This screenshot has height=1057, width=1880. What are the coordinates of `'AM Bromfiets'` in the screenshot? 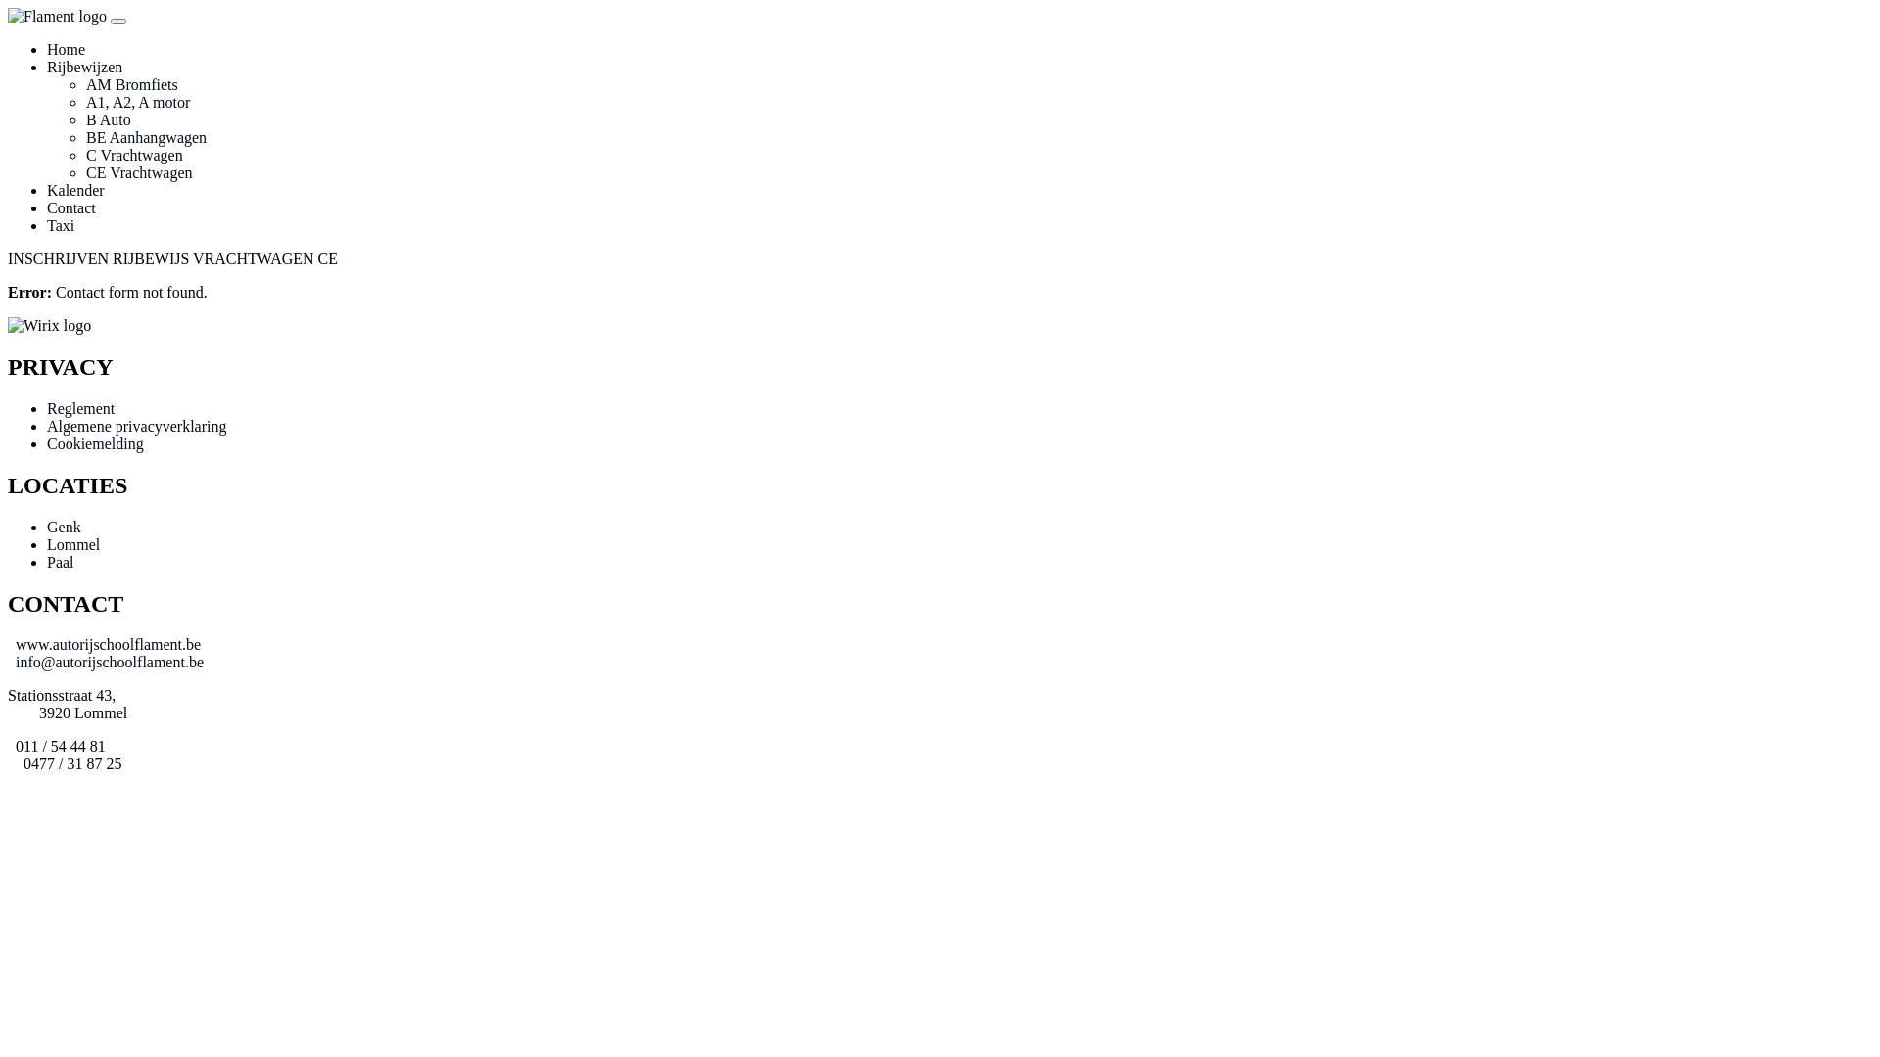 It's located at (130, 83).